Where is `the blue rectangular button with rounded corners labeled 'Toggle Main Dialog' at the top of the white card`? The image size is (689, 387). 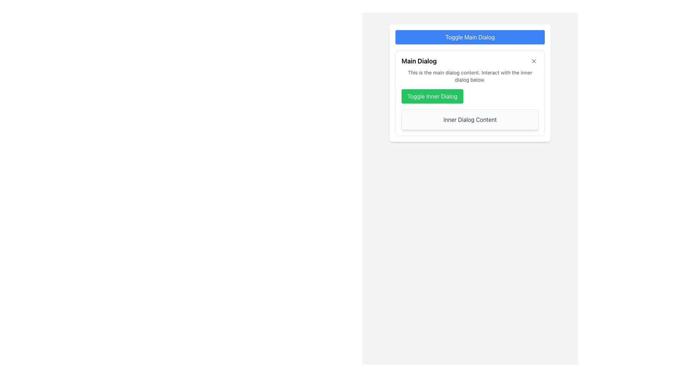 the blue rectangular button with rounded corners labeled 'Toggle Main Dialog' at the top of the white card is located at coordinates (470, 37).